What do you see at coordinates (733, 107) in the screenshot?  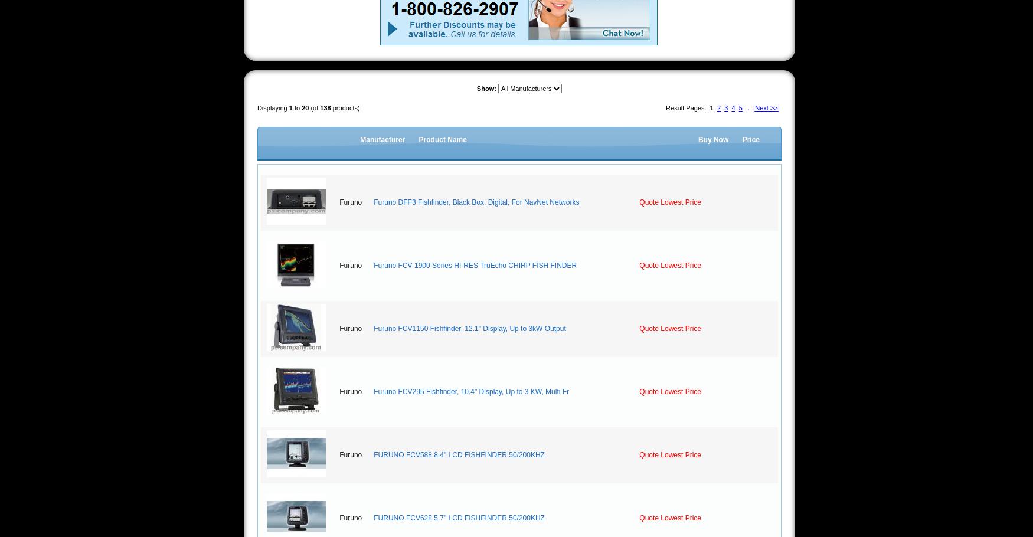 I see `'4'` at bounding box center [733, 107].